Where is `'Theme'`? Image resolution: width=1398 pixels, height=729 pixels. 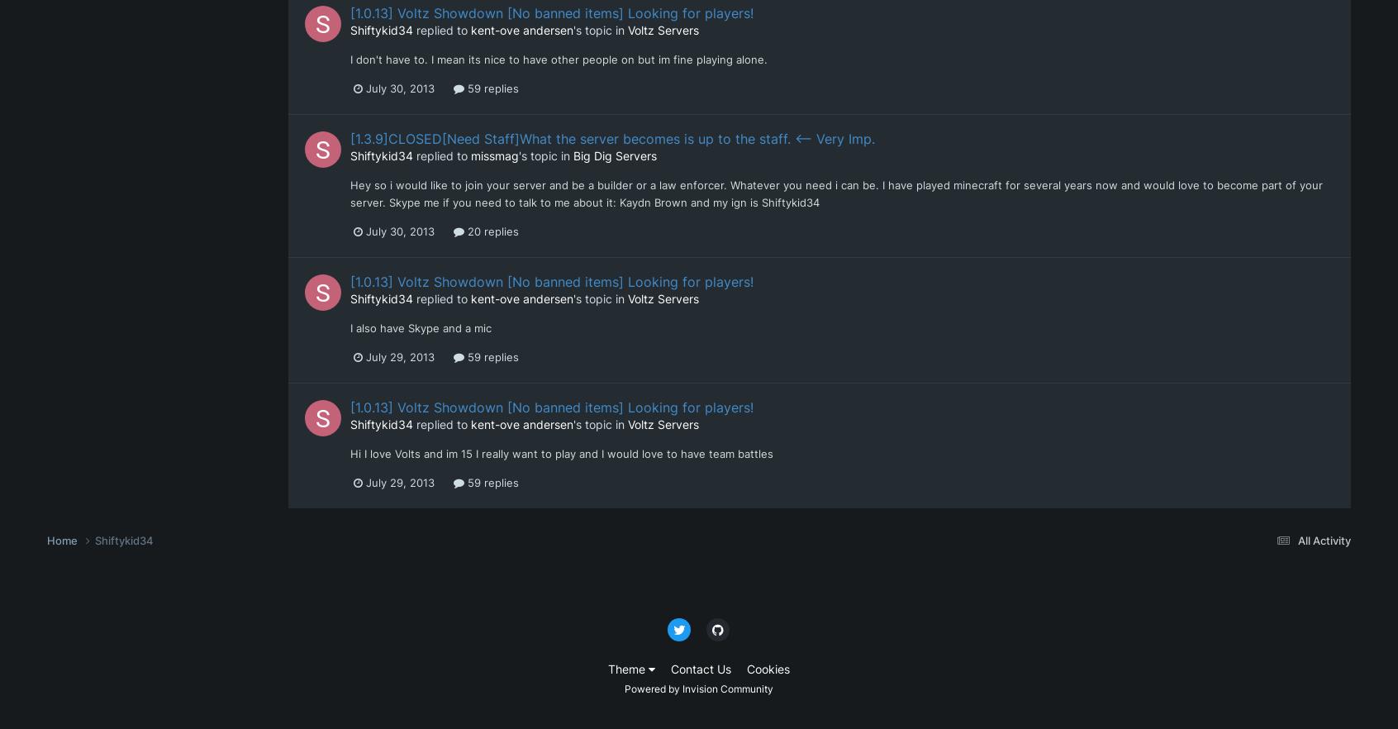 'Theme' is located at coordinates (626, 667).